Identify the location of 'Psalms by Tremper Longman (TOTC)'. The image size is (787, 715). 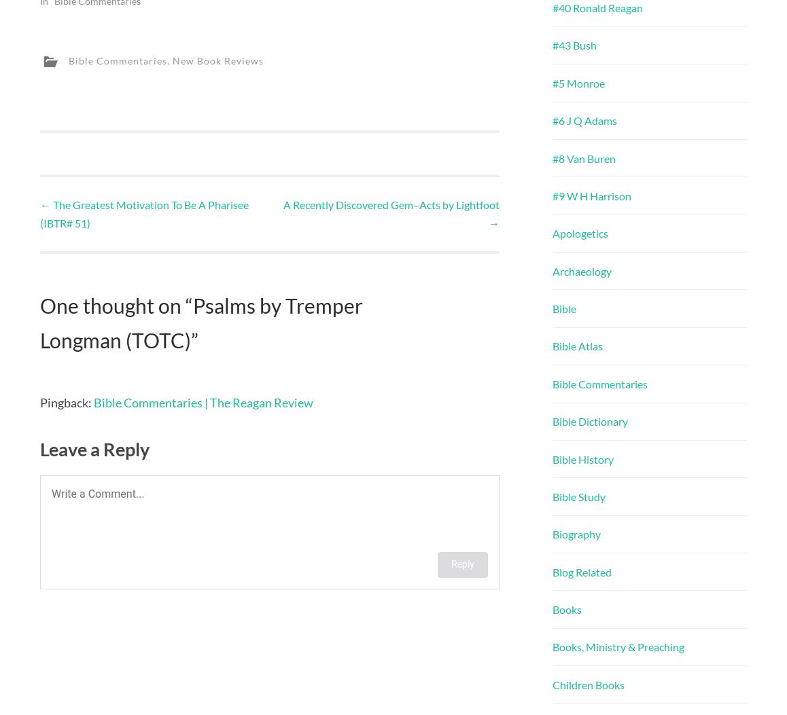
(201, 321).